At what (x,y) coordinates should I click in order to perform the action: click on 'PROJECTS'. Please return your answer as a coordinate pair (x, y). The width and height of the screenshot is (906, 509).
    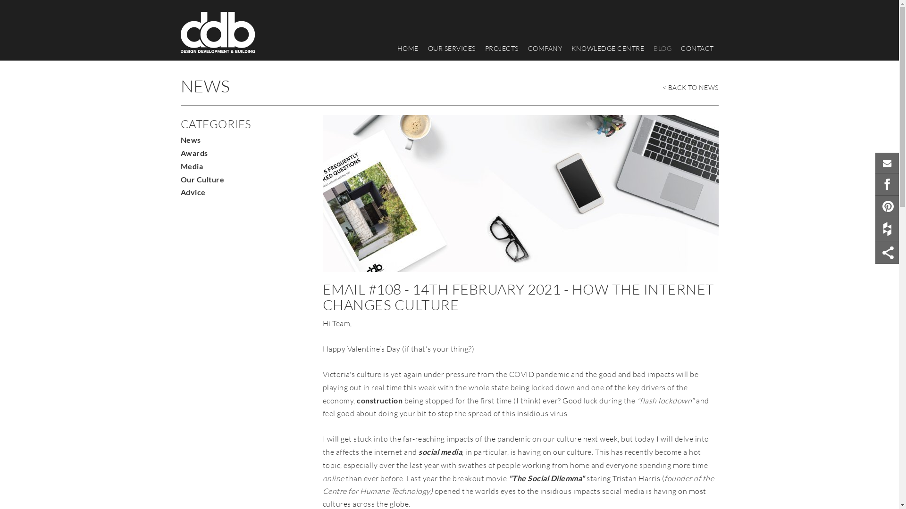
    Looking at the image, I should click on (480, 49).